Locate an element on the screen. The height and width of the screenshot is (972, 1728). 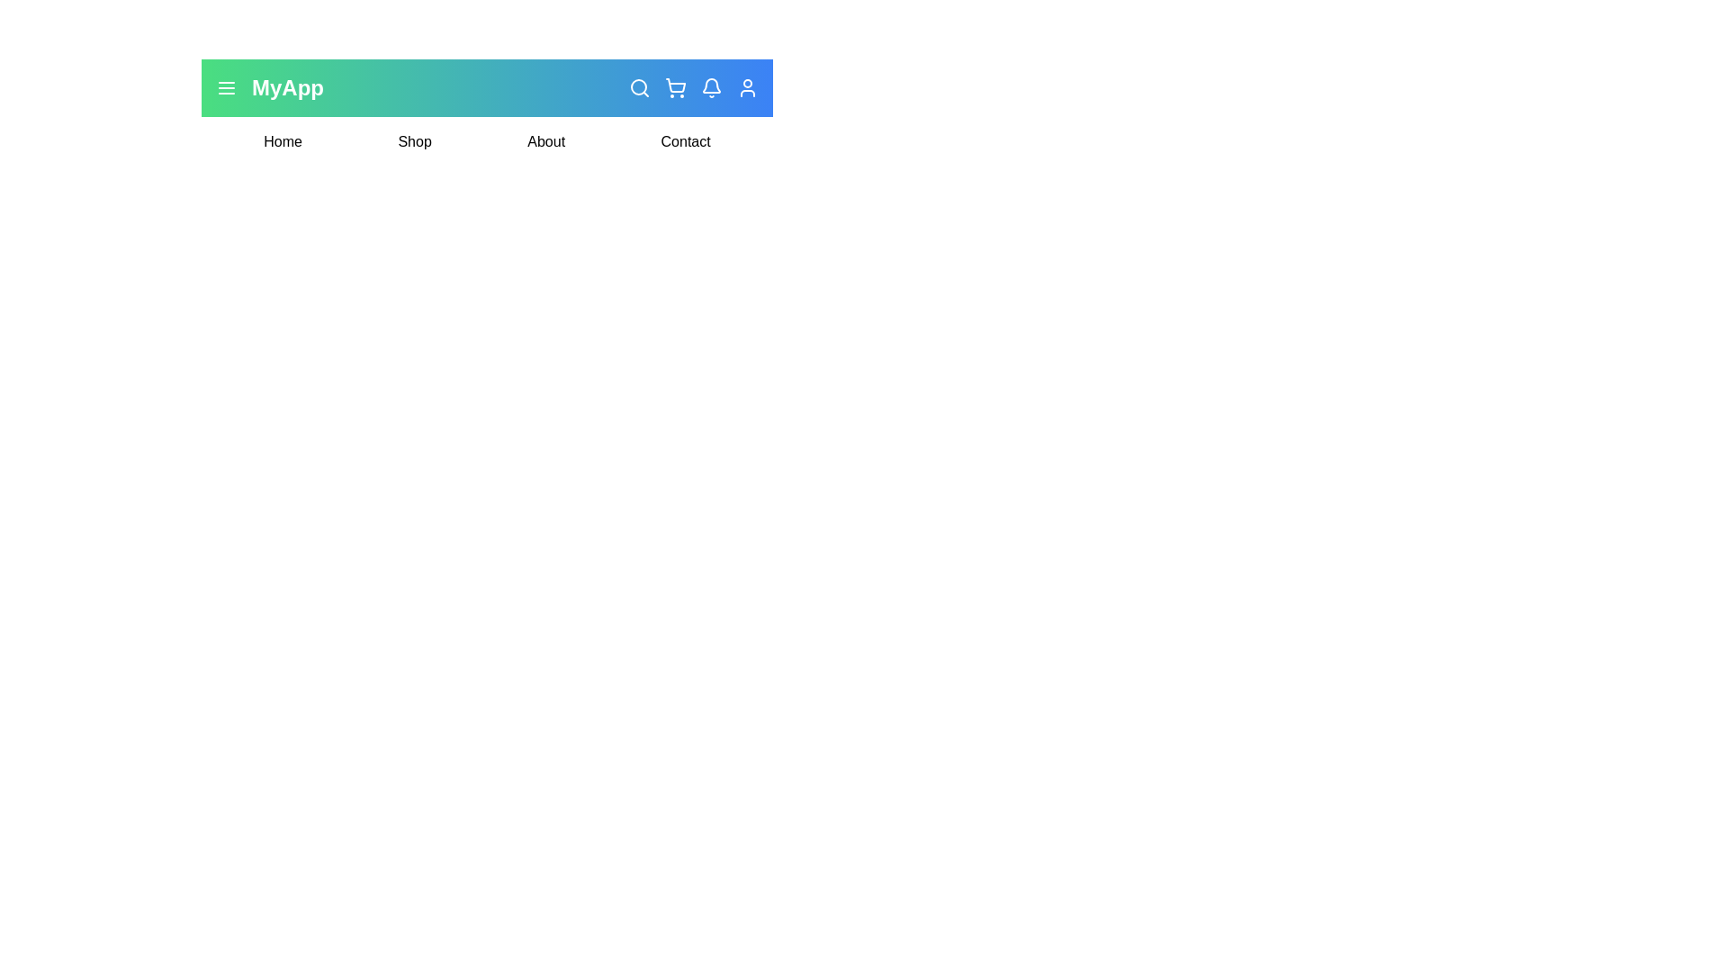
the notifications icon in the navigation bar is located at coordinates (711, 87).